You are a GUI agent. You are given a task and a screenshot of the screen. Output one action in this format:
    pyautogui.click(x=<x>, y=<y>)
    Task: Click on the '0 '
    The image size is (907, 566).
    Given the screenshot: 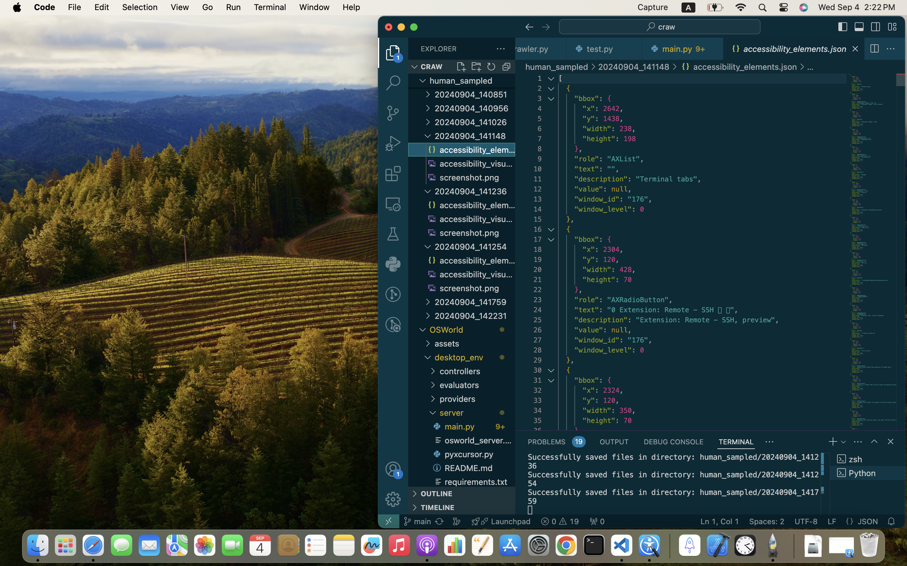 What is the action you would take?
    pyautogui.click(x=393, y=174)
    